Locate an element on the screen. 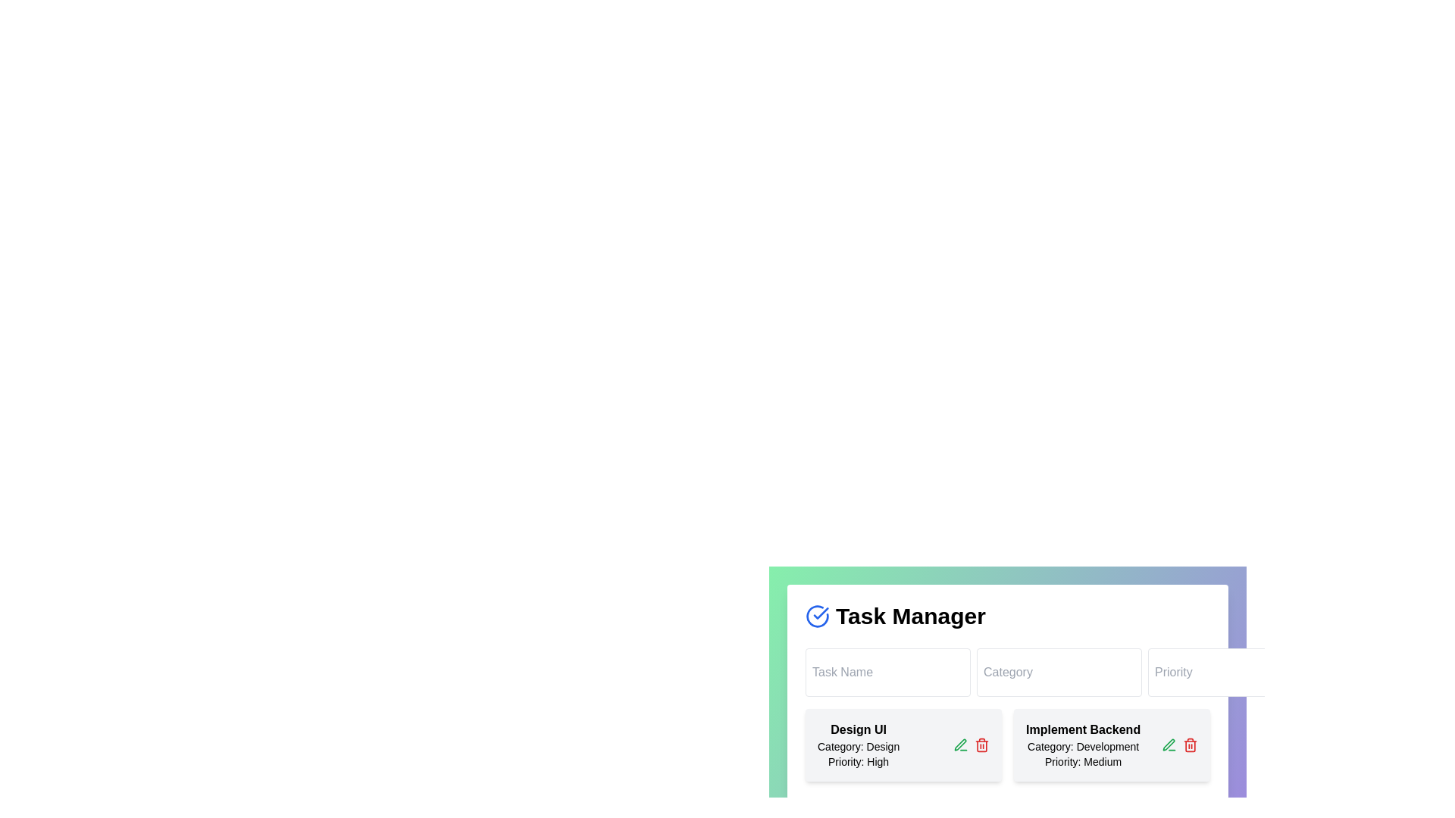 Image resolution: width=1455 pixels, height=818 pixels. the static text label displaying 'Category: Design' is located at coordinates (859, 746).